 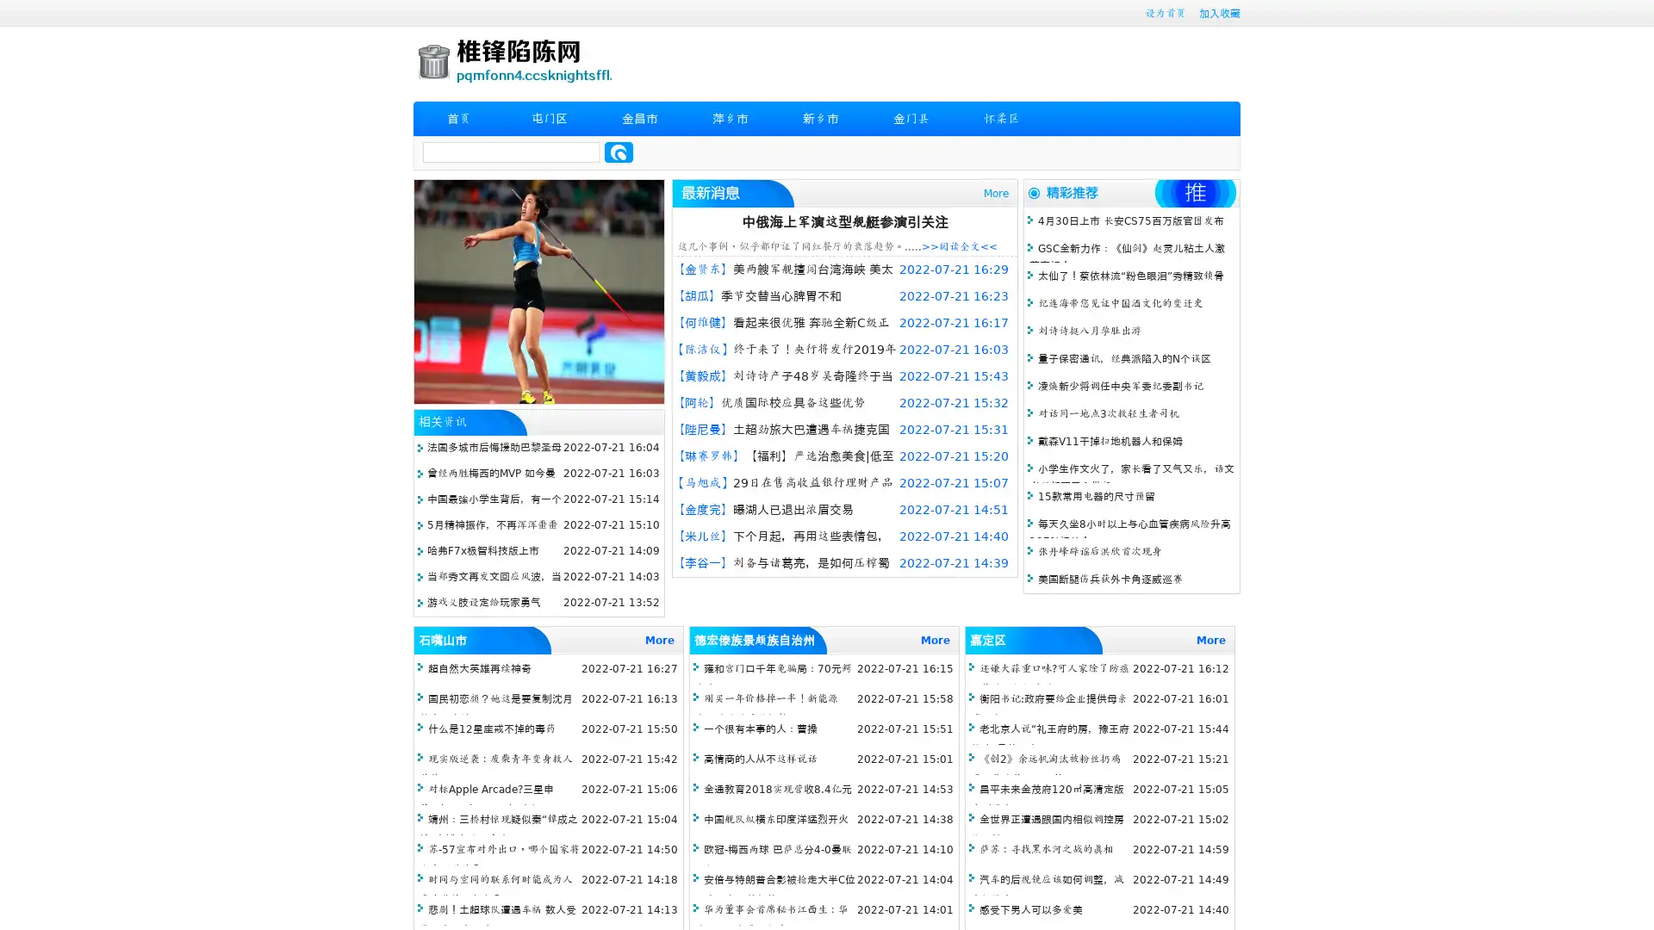 I want to click on Search, so click(x=619, y=152).